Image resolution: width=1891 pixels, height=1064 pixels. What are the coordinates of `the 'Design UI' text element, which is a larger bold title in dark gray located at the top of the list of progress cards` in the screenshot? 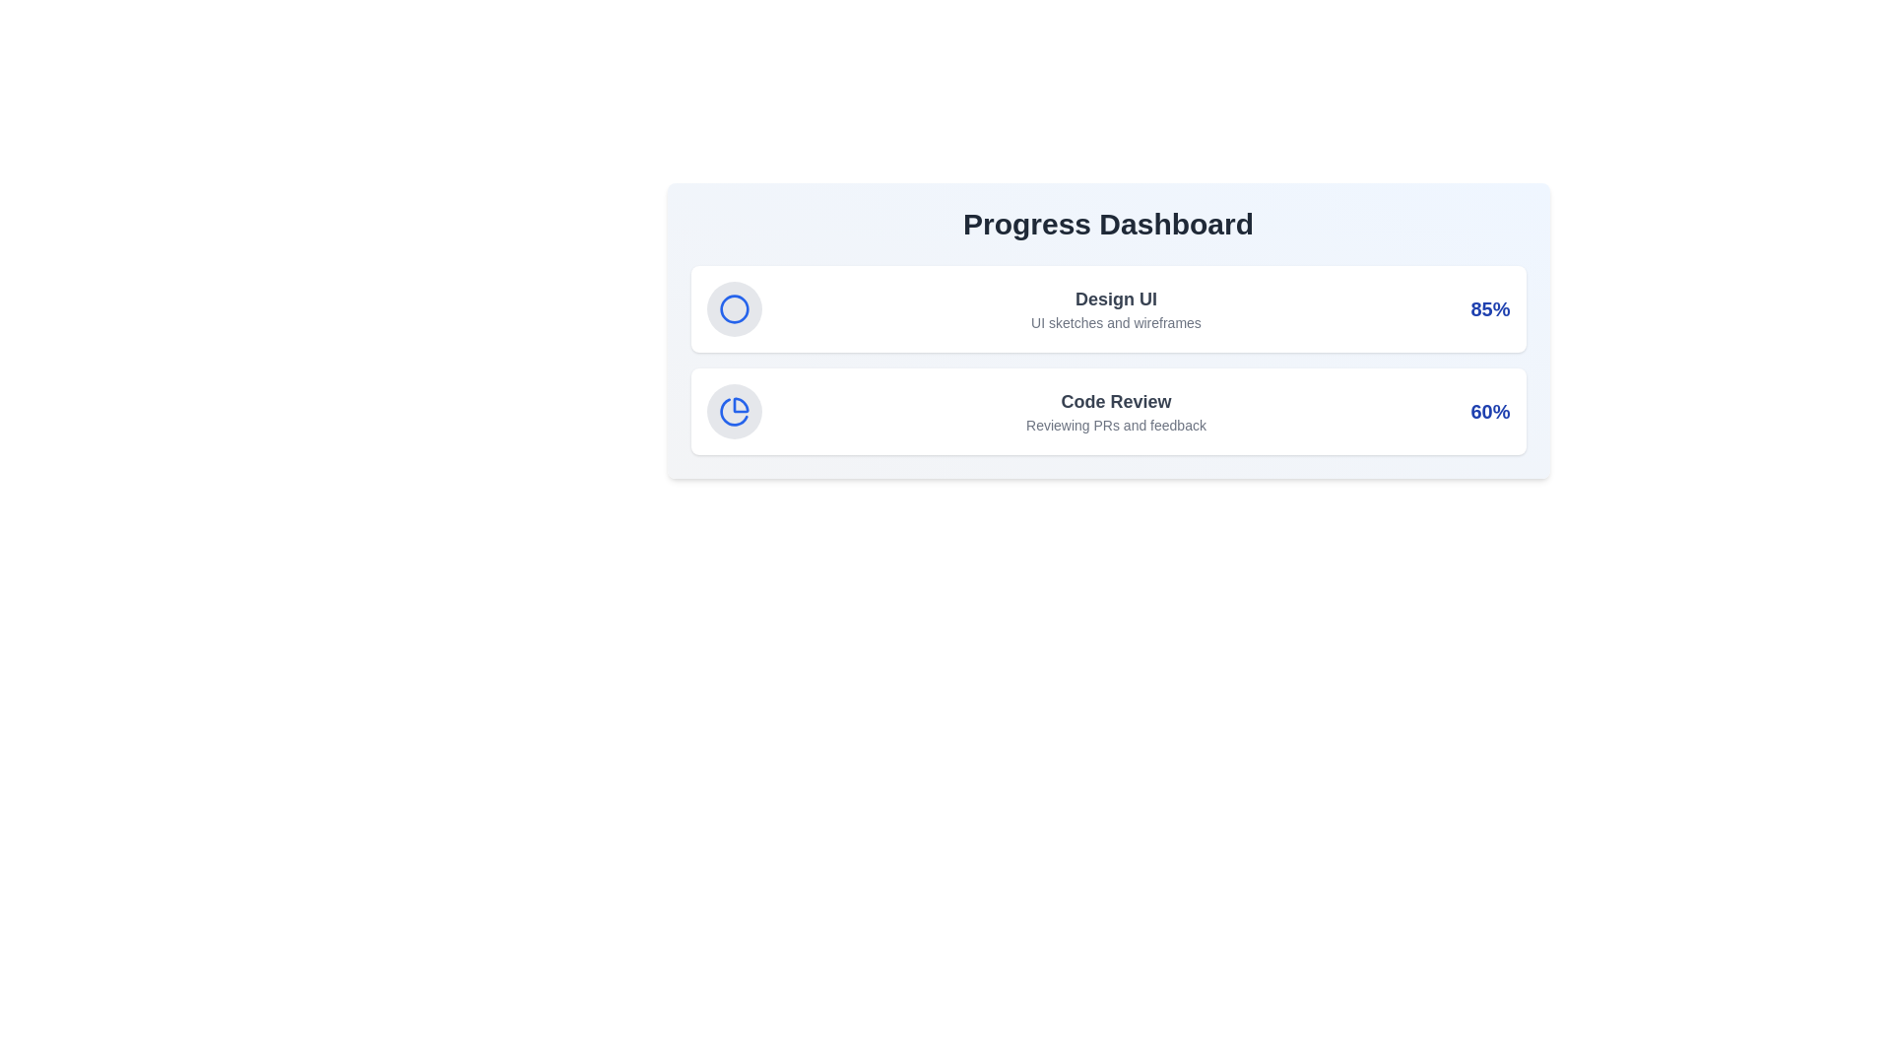 It's located at (1116, 308).